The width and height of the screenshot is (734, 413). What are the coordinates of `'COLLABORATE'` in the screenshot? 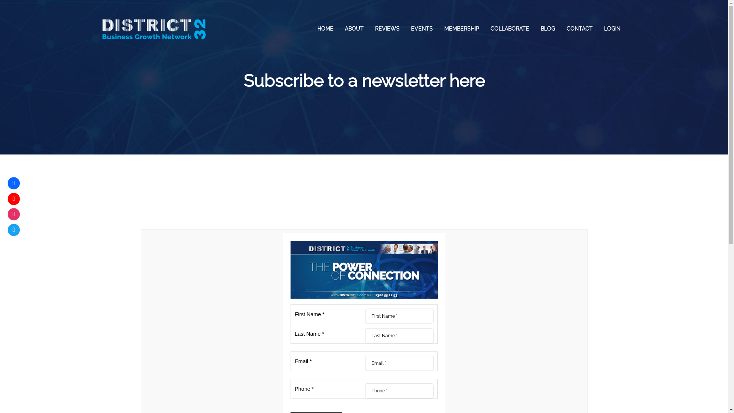 It's located at (510, 28).